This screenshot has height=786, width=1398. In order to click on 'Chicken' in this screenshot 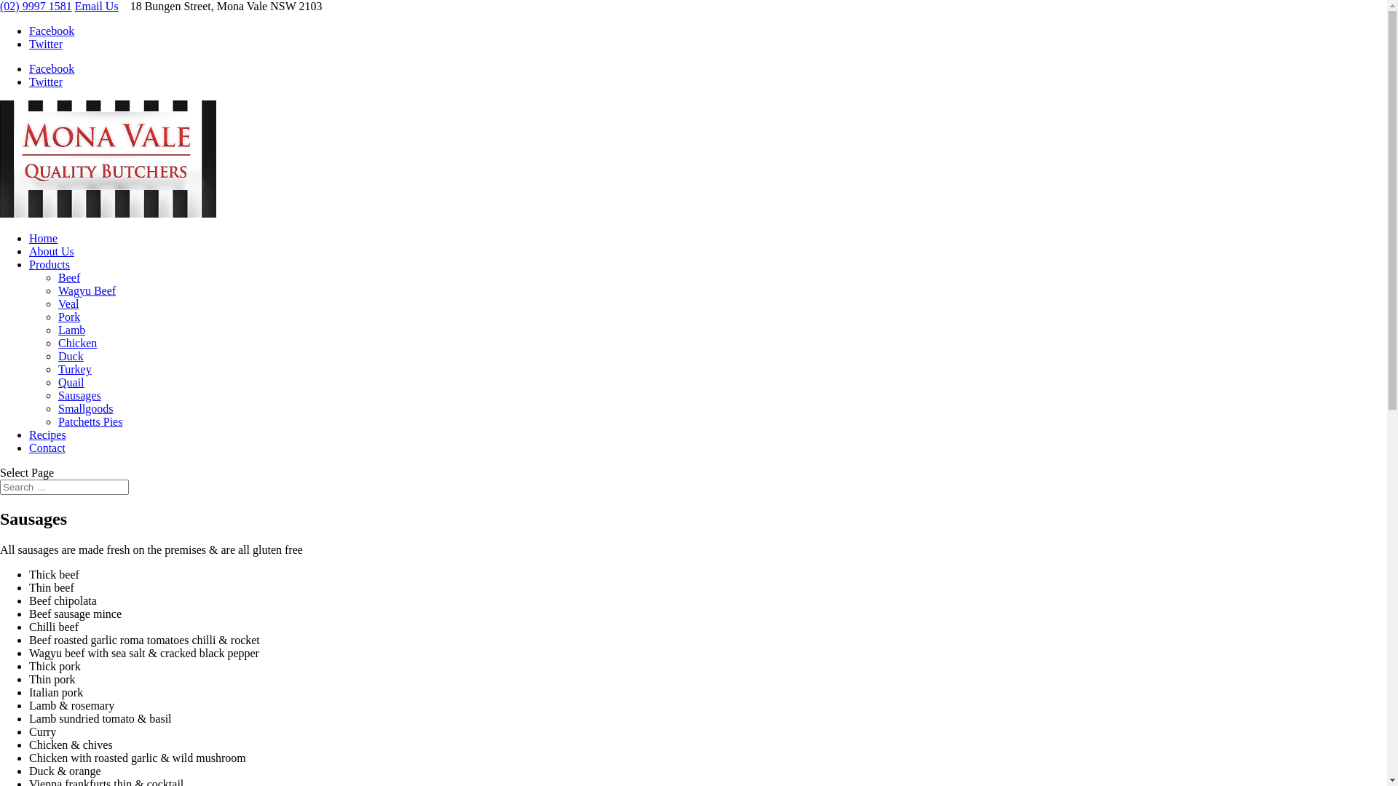, I will do `click(76, 343)`.